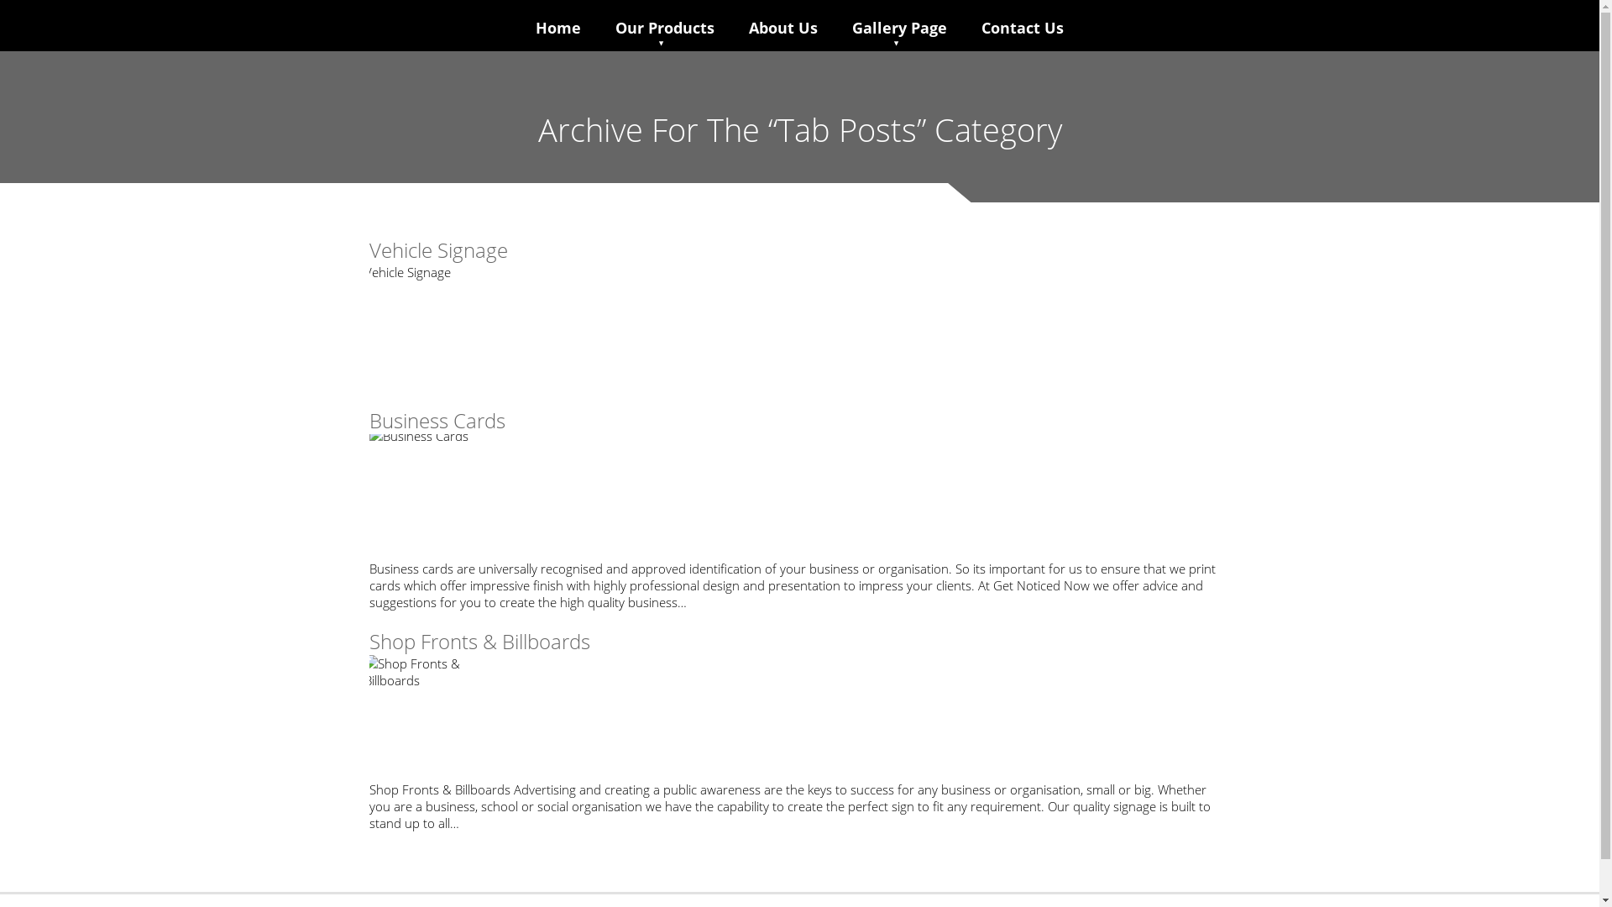  Describe the element at coordinates (438, 249) in the screenshot. I see `'Vehicle Signage'` at that location.